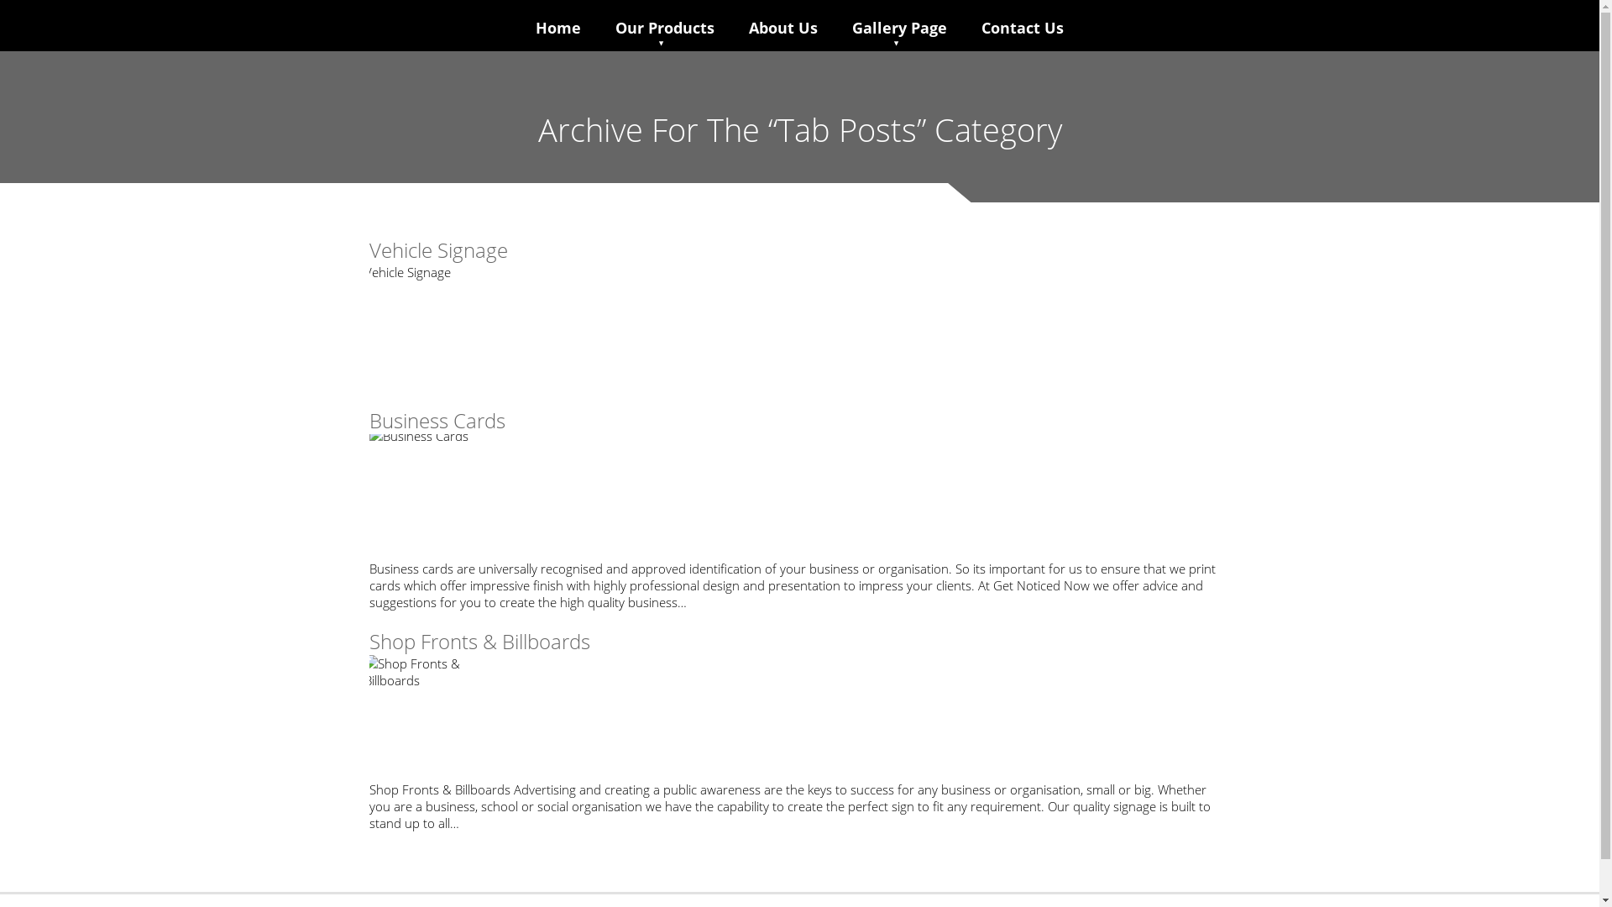  Describe the element at coordinates (438, 249) in the screenshot. I see `'Vehicle Signage'` at that location.